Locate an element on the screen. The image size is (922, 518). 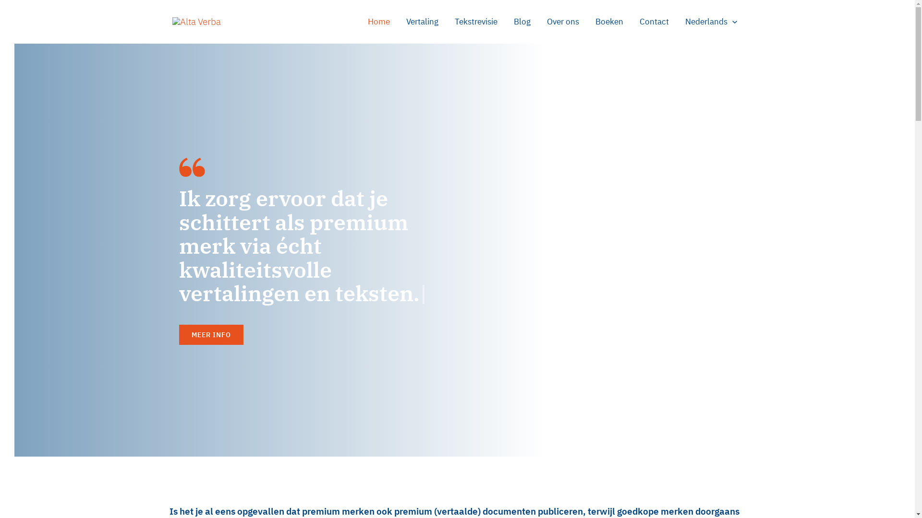
'MEER INFO' is located at coordinates (179, 334).